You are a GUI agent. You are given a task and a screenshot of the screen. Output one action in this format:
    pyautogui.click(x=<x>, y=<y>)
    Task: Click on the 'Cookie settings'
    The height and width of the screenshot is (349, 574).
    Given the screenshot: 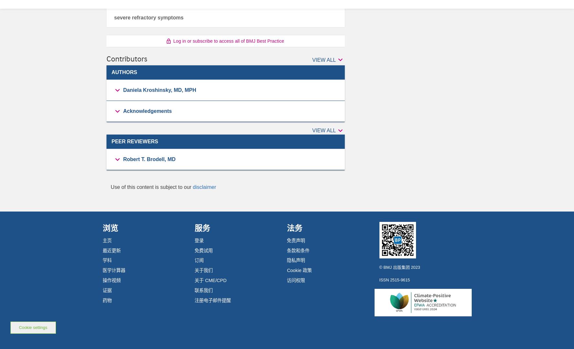 What is the action you would take?
    pyautogui.click(x=33, y=327)
    